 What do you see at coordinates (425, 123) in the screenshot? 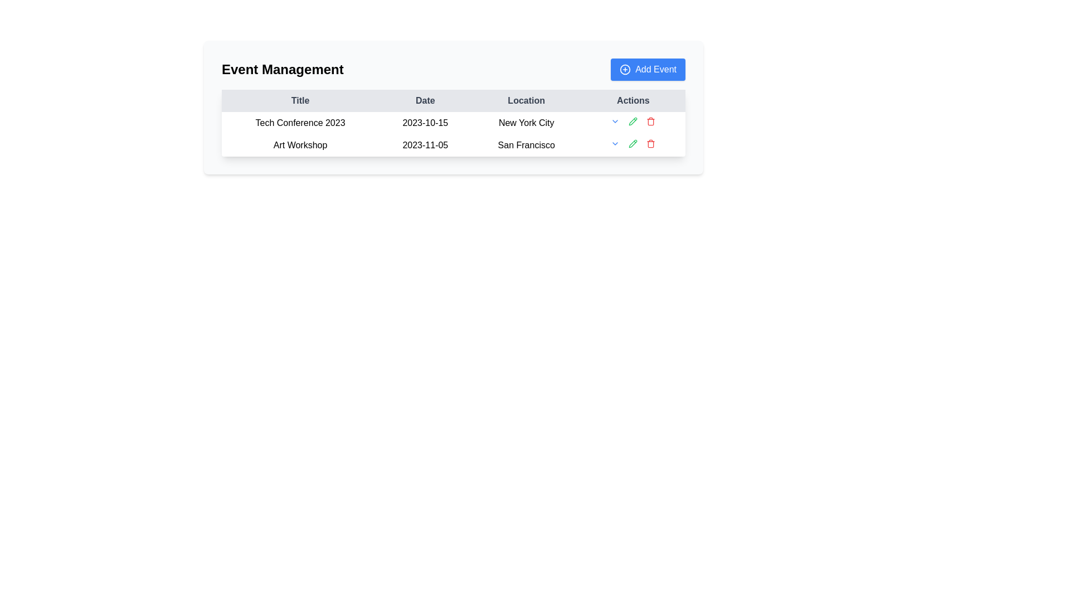
I see `the text label displaying the date '2023-10-15' in the data table under the 'Date' column for the 'Tech Conference 2023' event` at bounding box center [425, 123].